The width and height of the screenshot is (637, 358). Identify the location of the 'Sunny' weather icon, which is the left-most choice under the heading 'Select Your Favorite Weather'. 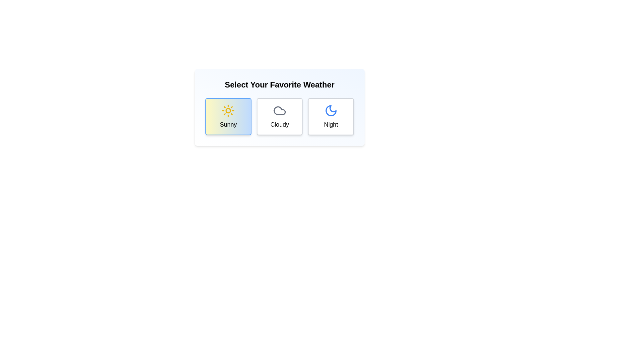
(228, 110).